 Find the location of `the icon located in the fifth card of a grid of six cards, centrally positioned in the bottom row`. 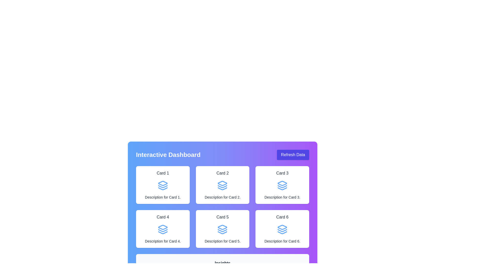

the icon located in the fifth card of a grid of six cards, centrally positioned in the bottom row is located at coordinates (222, 227).